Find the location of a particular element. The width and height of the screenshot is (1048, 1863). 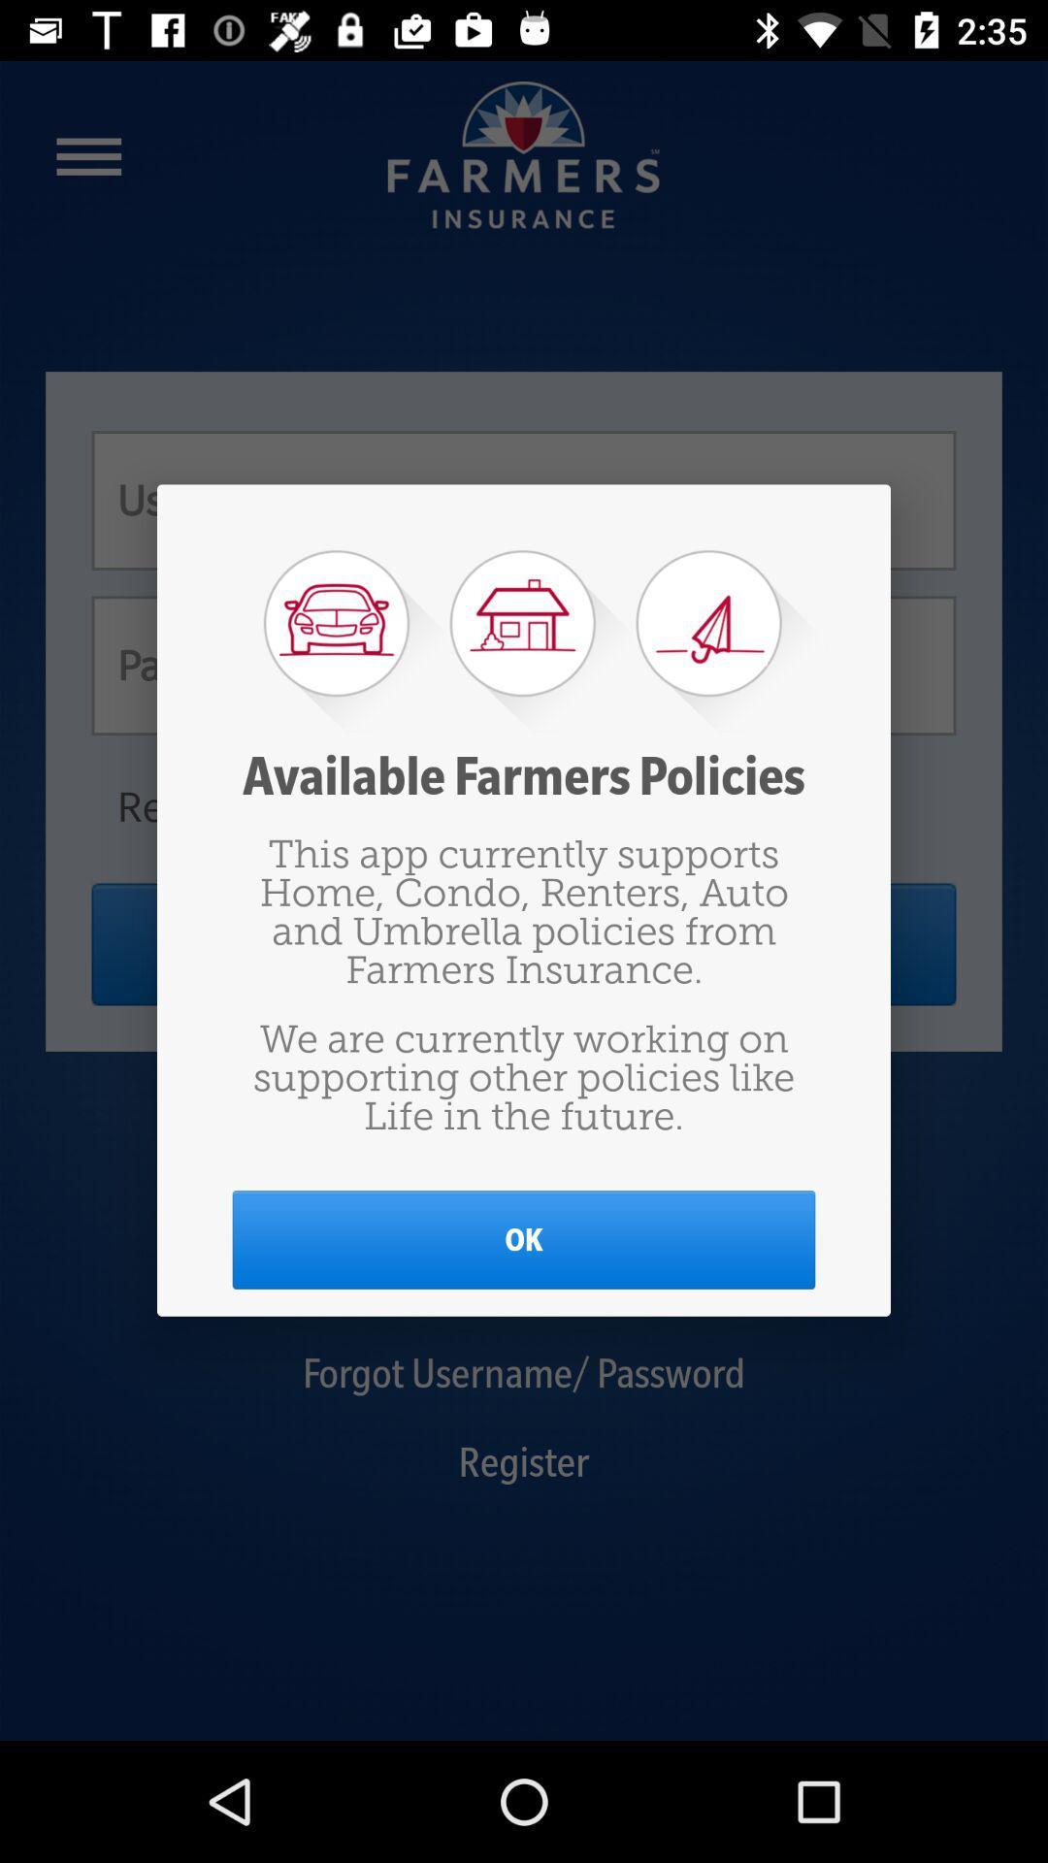

item below we are currently item is located at coordinates (524, 1238).